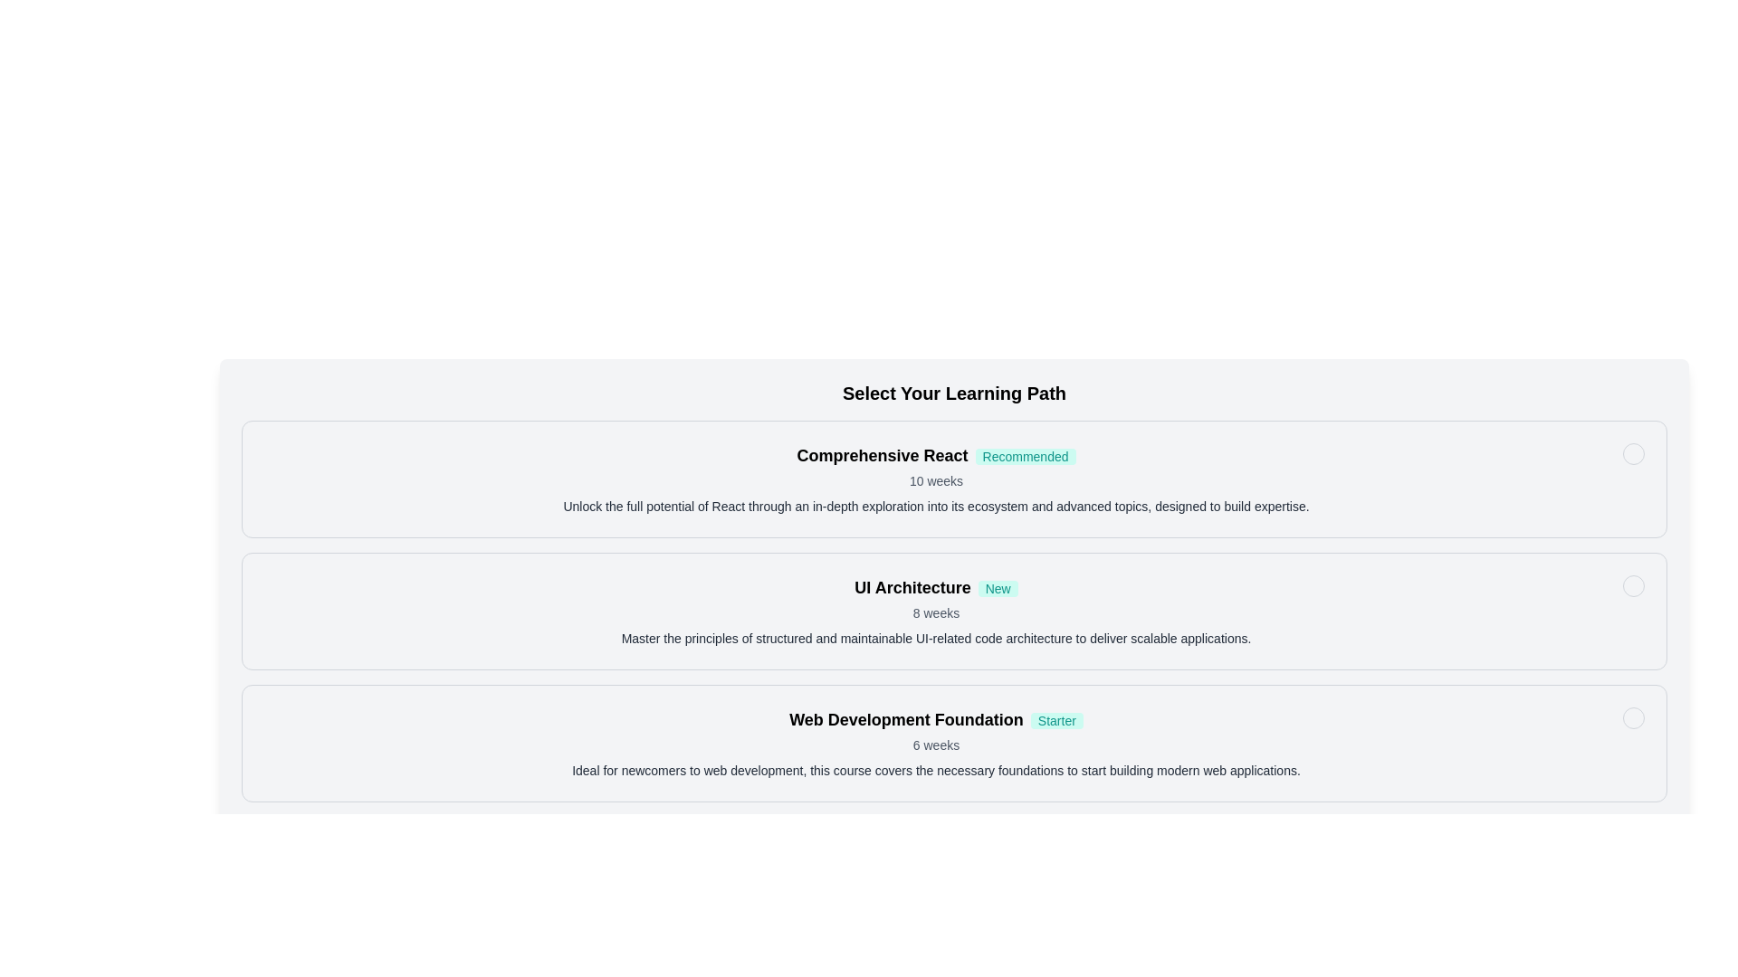 The width and height of the screenshot is (1738, 977). What do you see at coordinates (936, 637) in the screenshot?
I see `text displayed in a small, gray font located beneath '8 weeks' in the 'UI Architecture' section of the interface` at bounding box center [936, 637].